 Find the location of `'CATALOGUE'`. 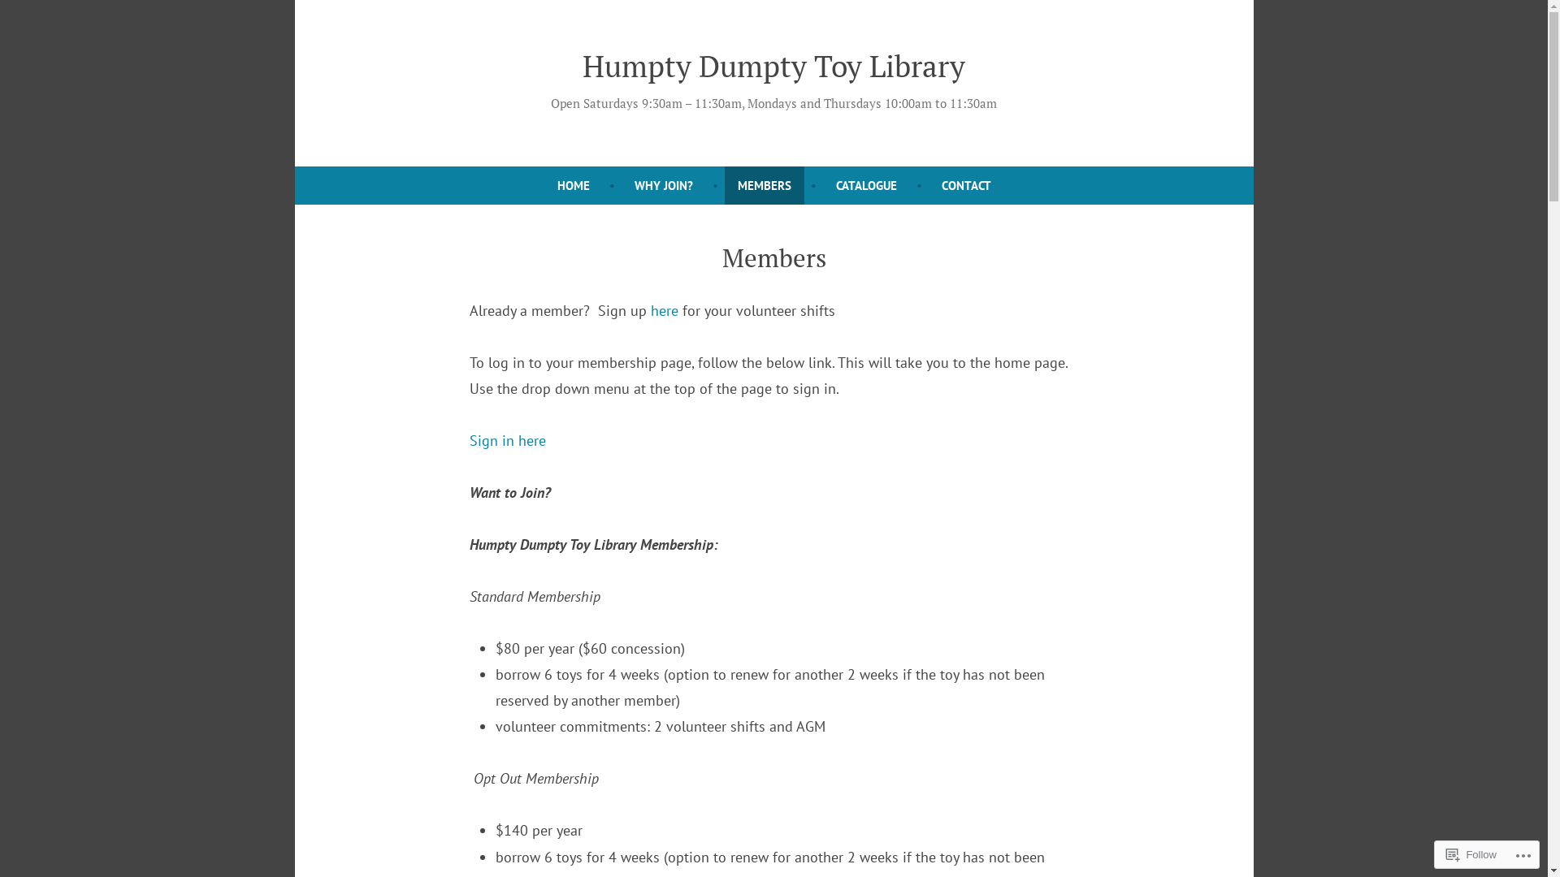

'CATALOGUE' is located at coordinates (864, 184).